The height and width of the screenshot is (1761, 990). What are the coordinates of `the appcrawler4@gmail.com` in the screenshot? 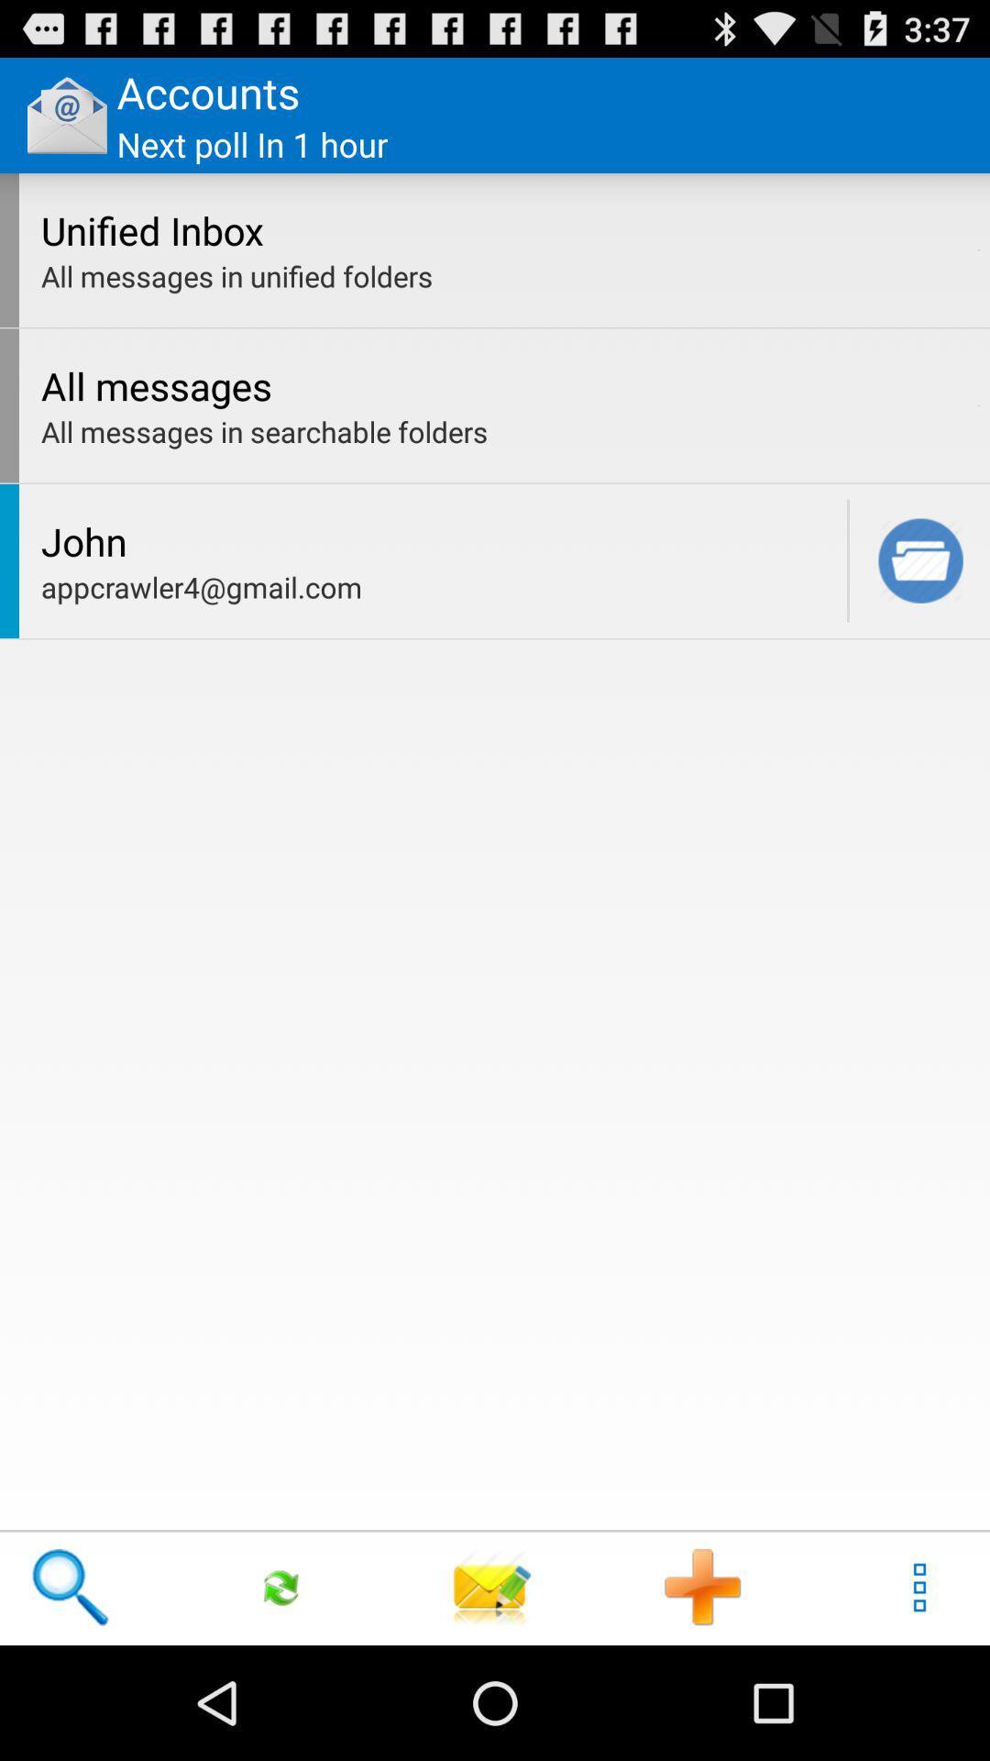 It's located at (439, 587).